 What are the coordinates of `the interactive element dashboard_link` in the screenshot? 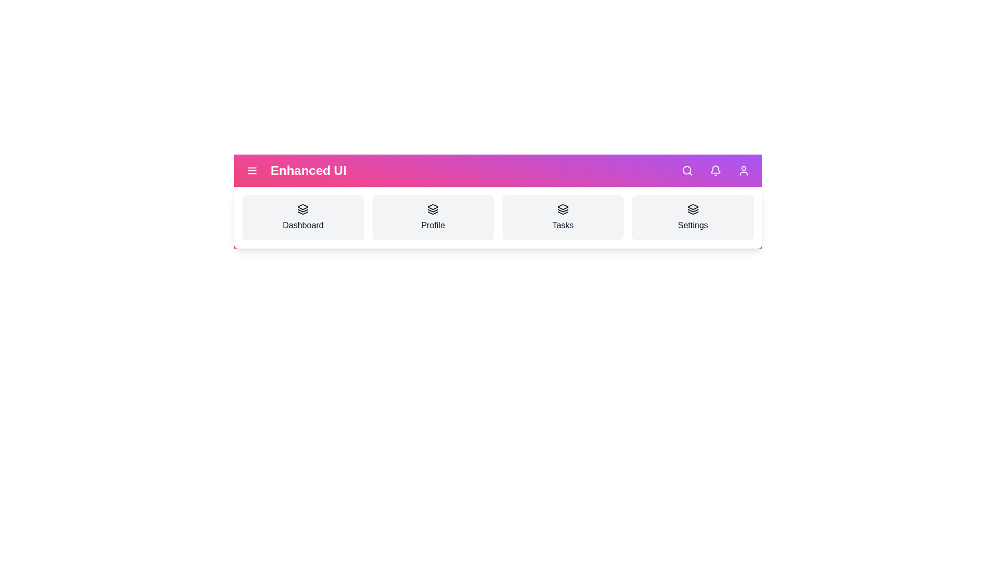 It's located at (302, 217).